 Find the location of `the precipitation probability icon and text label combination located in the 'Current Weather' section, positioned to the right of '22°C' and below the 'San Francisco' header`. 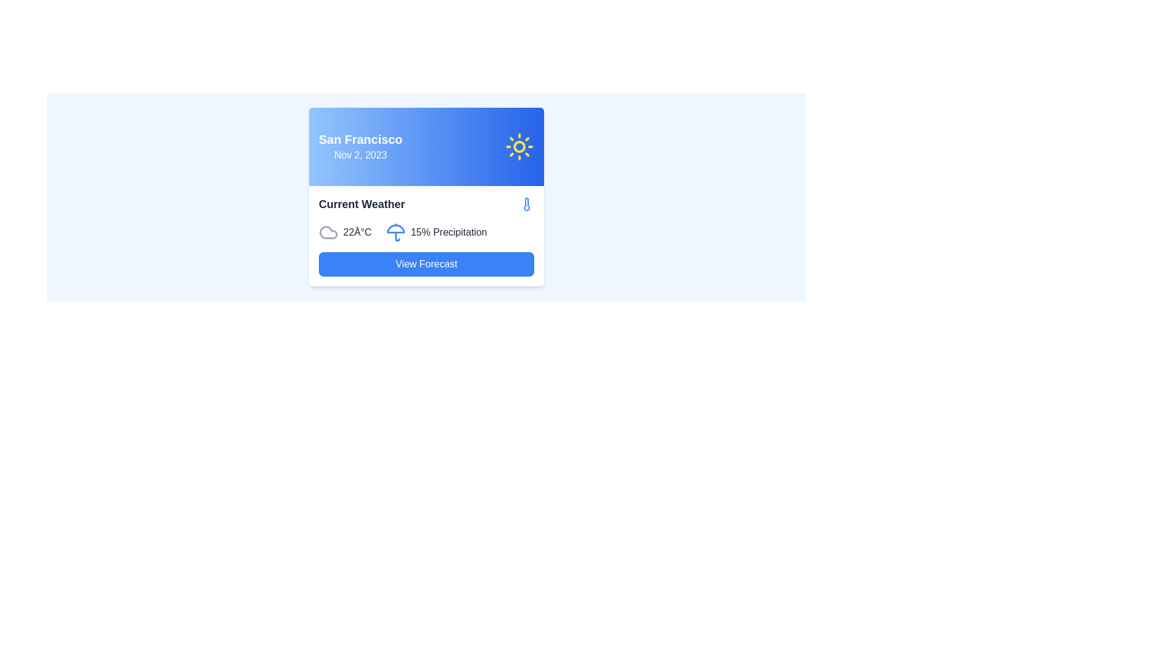

the precipitation probability icon and text label combination located in the 'Current Weather' section, positioned to the right of '22°C' and below the 'San Francisco' header is located at coordinates (436, 233).